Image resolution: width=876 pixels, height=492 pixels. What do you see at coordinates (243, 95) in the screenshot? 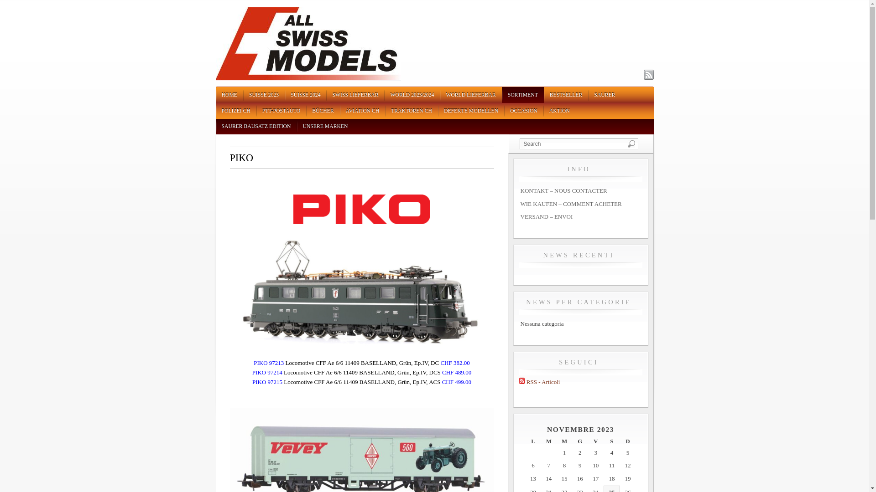
I see `'SUISSE 2023'` at bounding box center [243, 95].